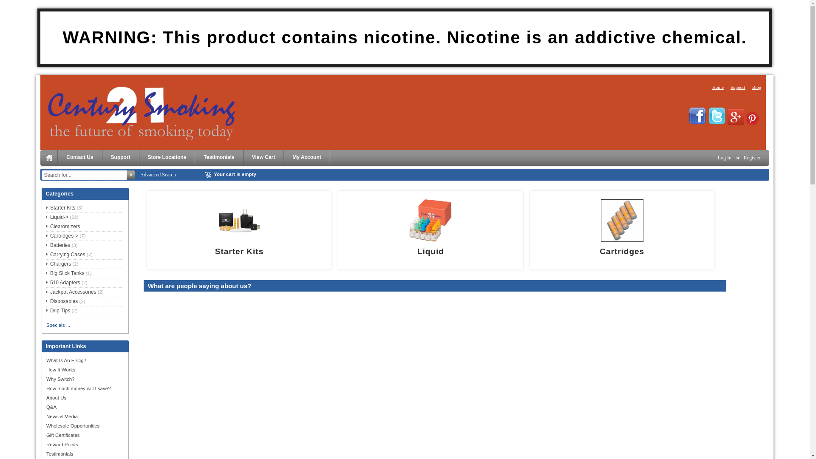 Image resolution: width=816 pixels, height=459 pixels. Describe the element at coordinates (79, 388) in the screenshot. I see `'How much money will I save?'` at that location.